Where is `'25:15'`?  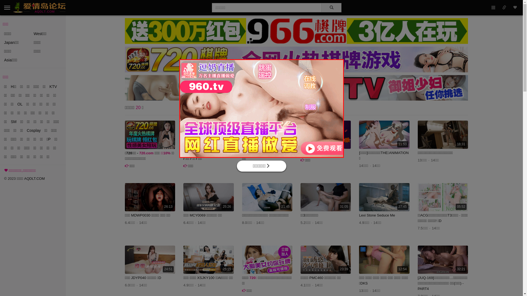 '25:15' is located at coordinates (208, 259).